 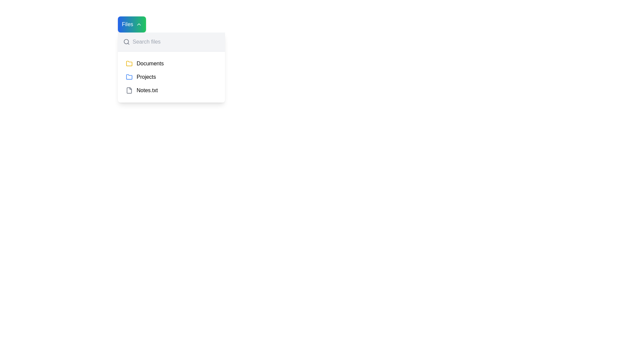 I want to click on the 'Projects' list item, which is the second item in the vertical list below the 'Files' search bar, so click(x=171, y=77).